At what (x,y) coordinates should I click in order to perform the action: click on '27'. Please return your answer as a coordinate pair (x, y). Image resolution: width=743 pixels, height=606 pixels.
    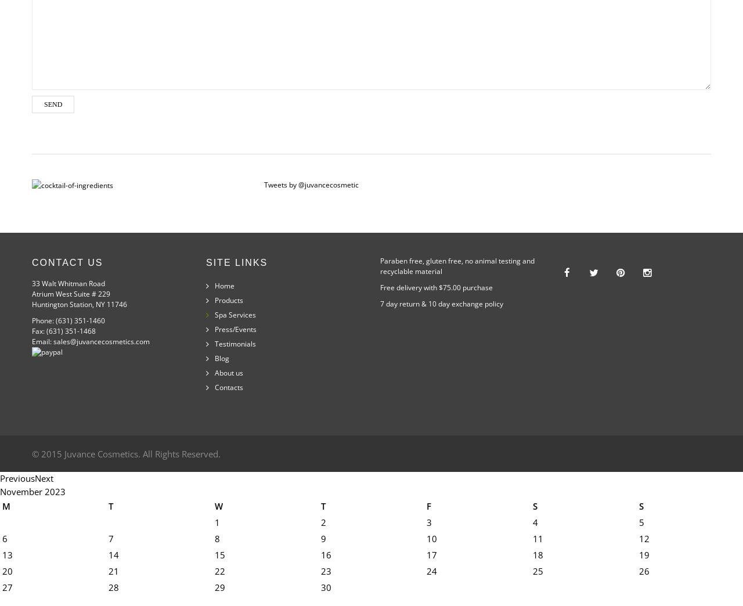
    Looking at the image, I should click on (8, 587).